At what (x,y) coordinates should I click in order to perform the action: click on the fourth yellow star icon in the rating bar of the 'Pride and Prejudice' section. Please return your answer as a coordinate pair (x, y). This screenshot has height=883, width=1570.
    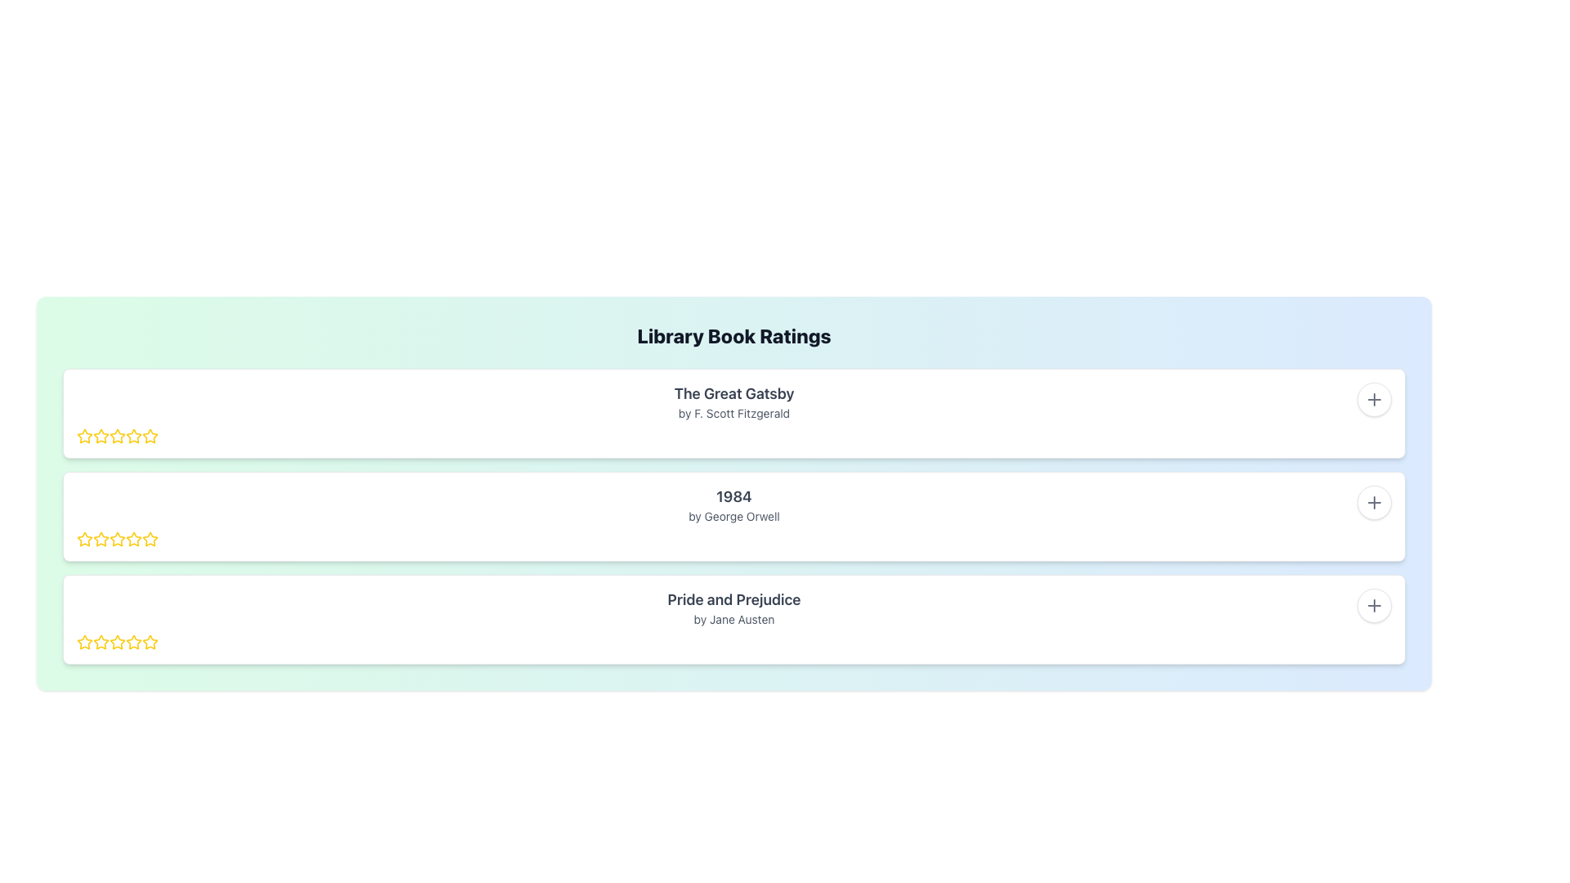
    Looking at the image, I should click on (117, 642).